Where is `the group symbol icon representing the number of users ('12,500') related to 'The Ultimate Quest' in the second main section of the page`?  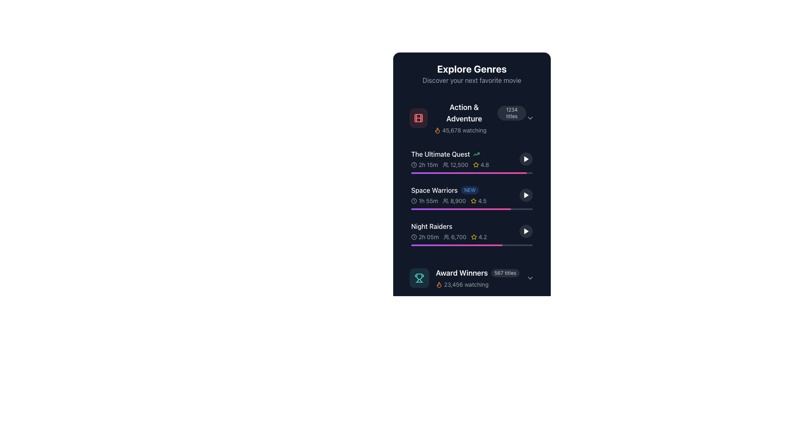 the group symbol icon representing the number of users ('12,500') related to 'The Ultimate Quest' in the second main section of the page is located at coordinates (445, 164).